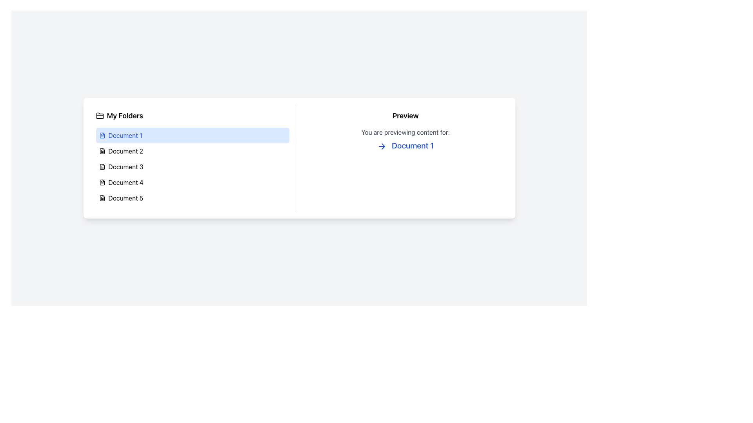  Describe the element at coordinates (193, 197) in the screenshot. I see `the list item labeled 'Document 5'` at that location.